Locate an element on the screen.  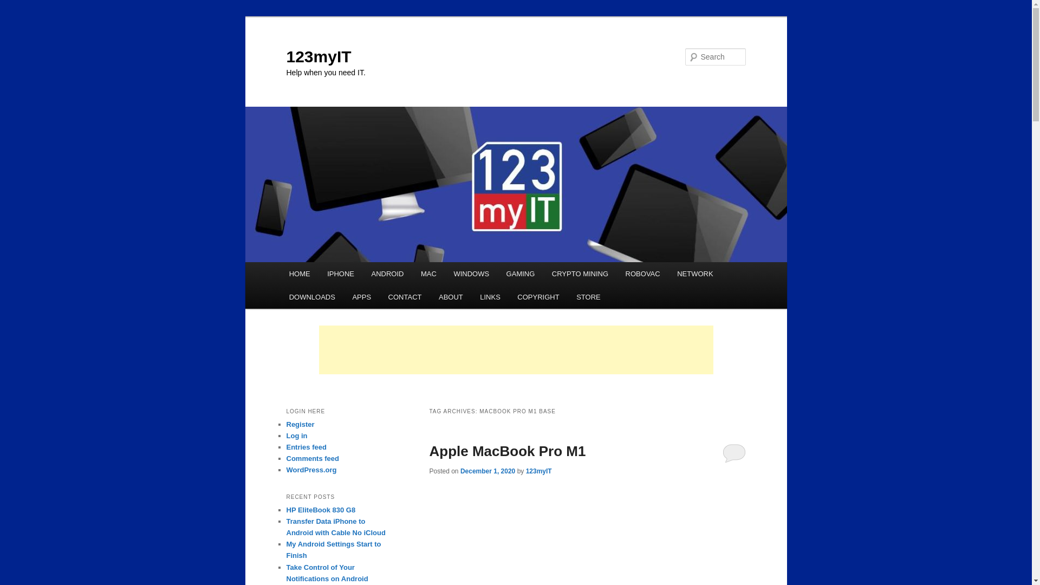
'123myIT' is located at coordinates (318, 56).